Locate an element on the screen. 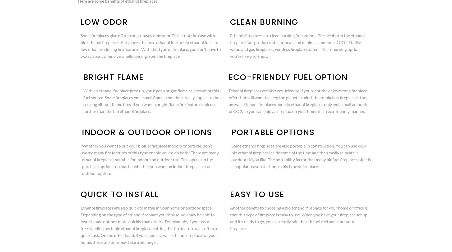 This screenshot has height=252, width=452. 'Another benefit to choosing a bio ethanol fireplace for your home or office is that this type of fireplace is easy to use. When you have your fireplace set up and it’s ready to go, you can easily add the ethanol fuel and start your fireplace.' is located at coordinates (298, 218).